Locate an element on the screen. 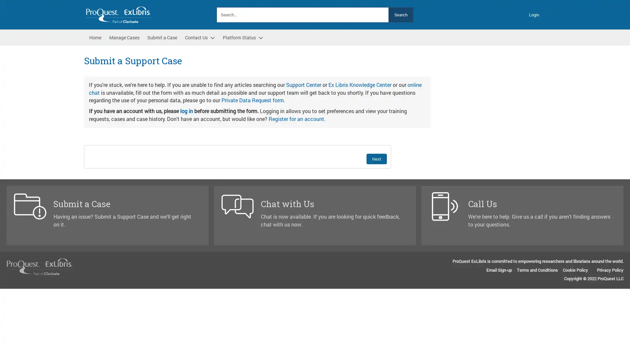 Image resolution: width=630 pixels, height=354 pixels. Next is located at coordinates (376, 181).